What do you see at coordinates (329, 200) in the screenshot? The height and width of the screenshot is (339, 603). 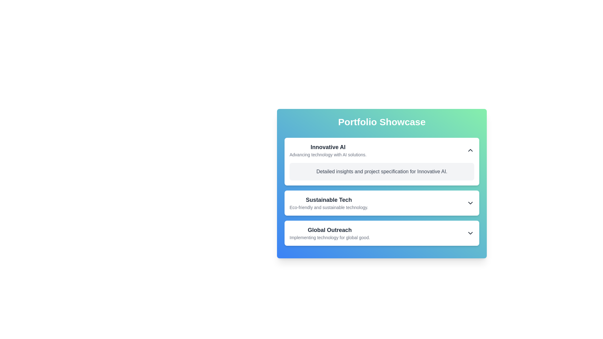 I see `the text display heading that shows 'Sustainable Tech', which is prominently styled in grayish color and is located above the descriptive text in its section` at bounding box center [329, 200].